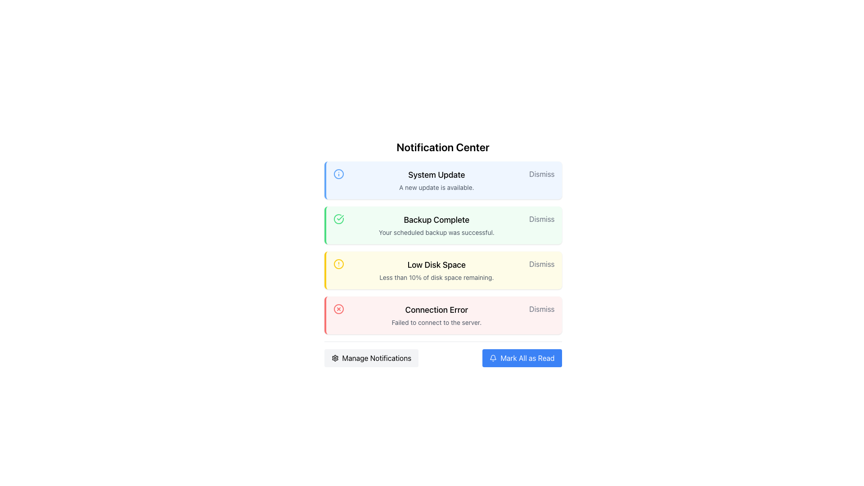 Image resolution: width=864 pixels, height=486 pixels. I want to click on the cog-shaped settings icon located in the lower-left corner of the interface, adjacent to the 'Manage Notifications' button, so click(334, 357).